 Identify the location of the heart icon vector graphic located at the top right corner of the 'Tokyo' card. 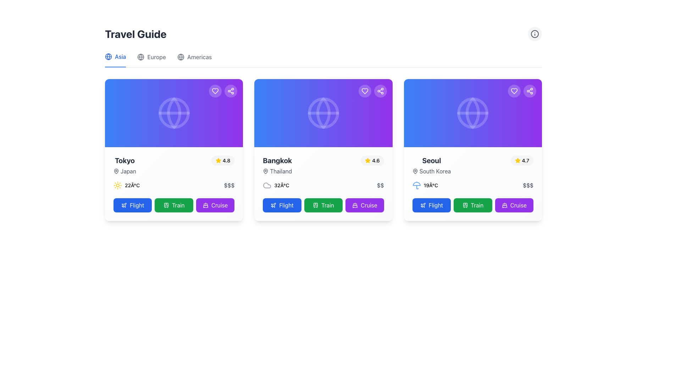
(215, 91).